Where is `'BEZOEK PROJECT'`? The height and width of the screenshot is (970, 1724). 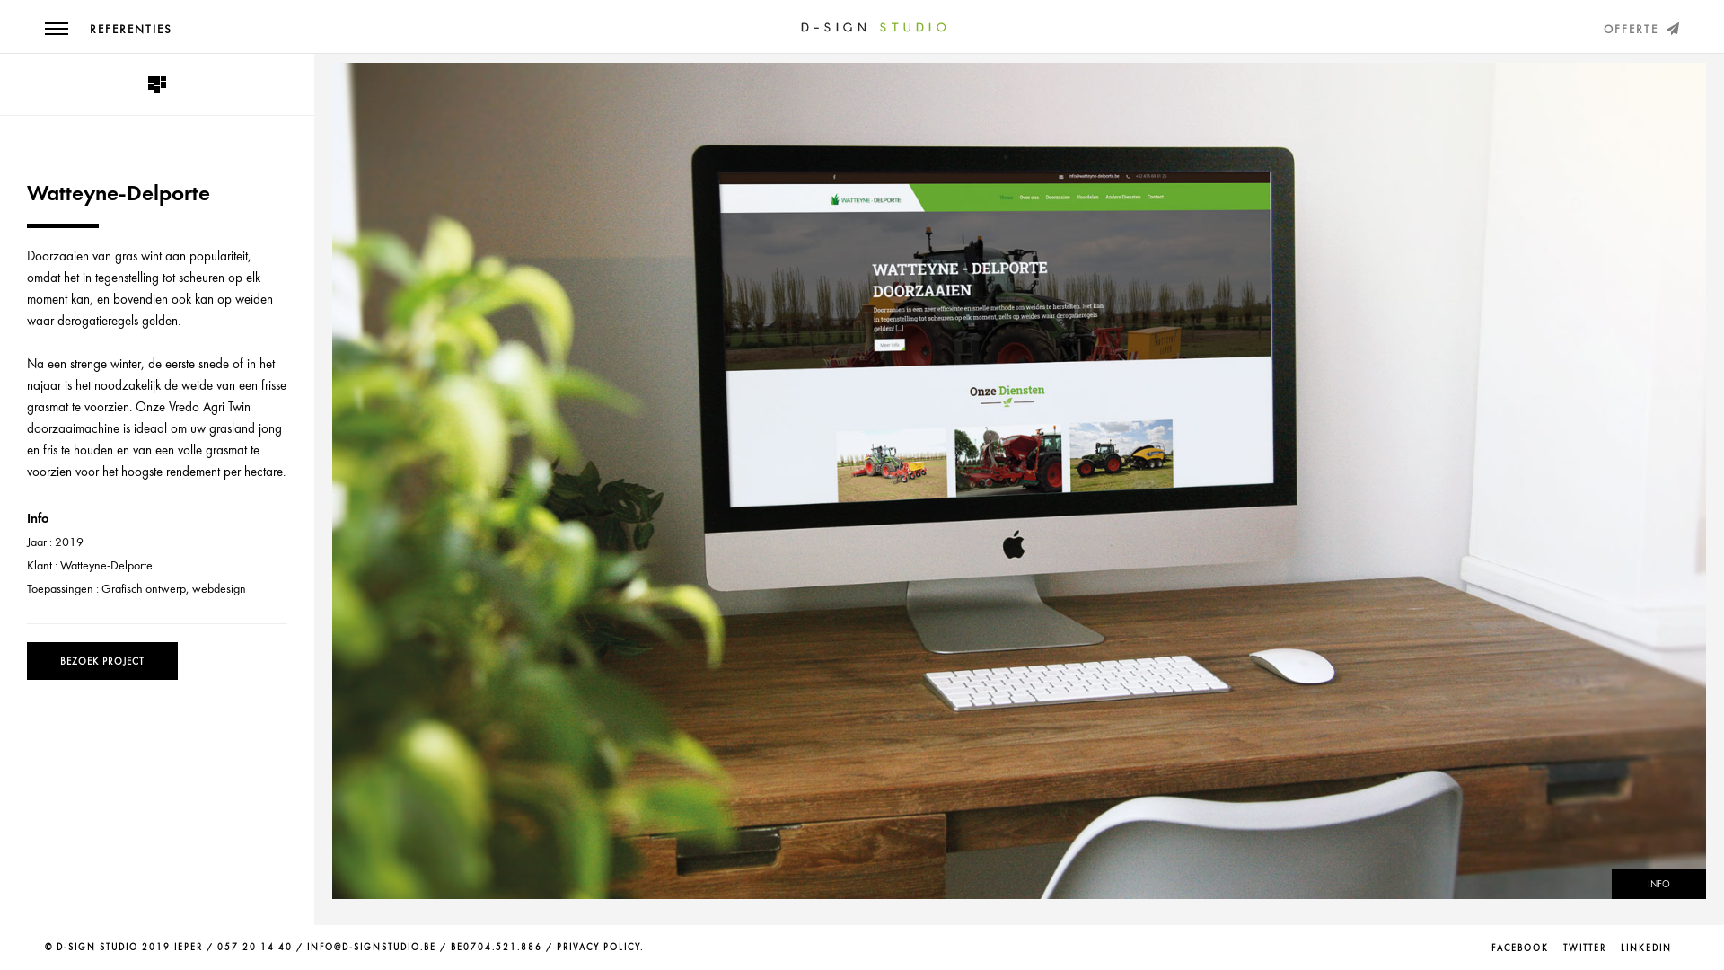 'BEZOEK PROJECT' is located at coordinates (101, 661).